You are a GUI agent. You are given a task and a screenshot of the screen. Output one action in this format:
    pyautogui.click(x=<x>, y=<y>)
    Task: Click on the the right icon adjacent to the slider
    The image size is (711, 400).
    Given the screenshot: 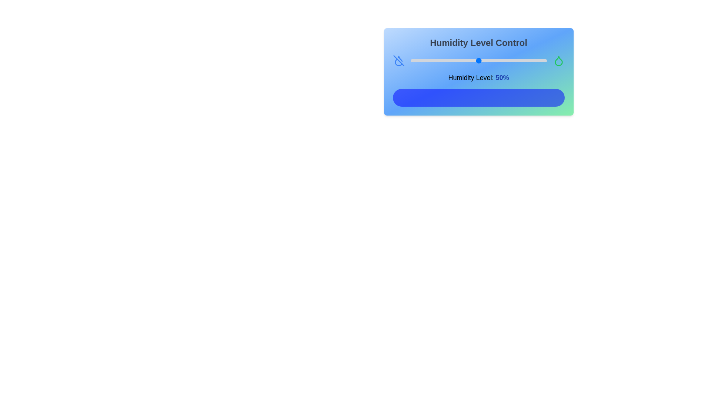 What is the action you would take?
    pyautogui.click(x=558, y=60)
    